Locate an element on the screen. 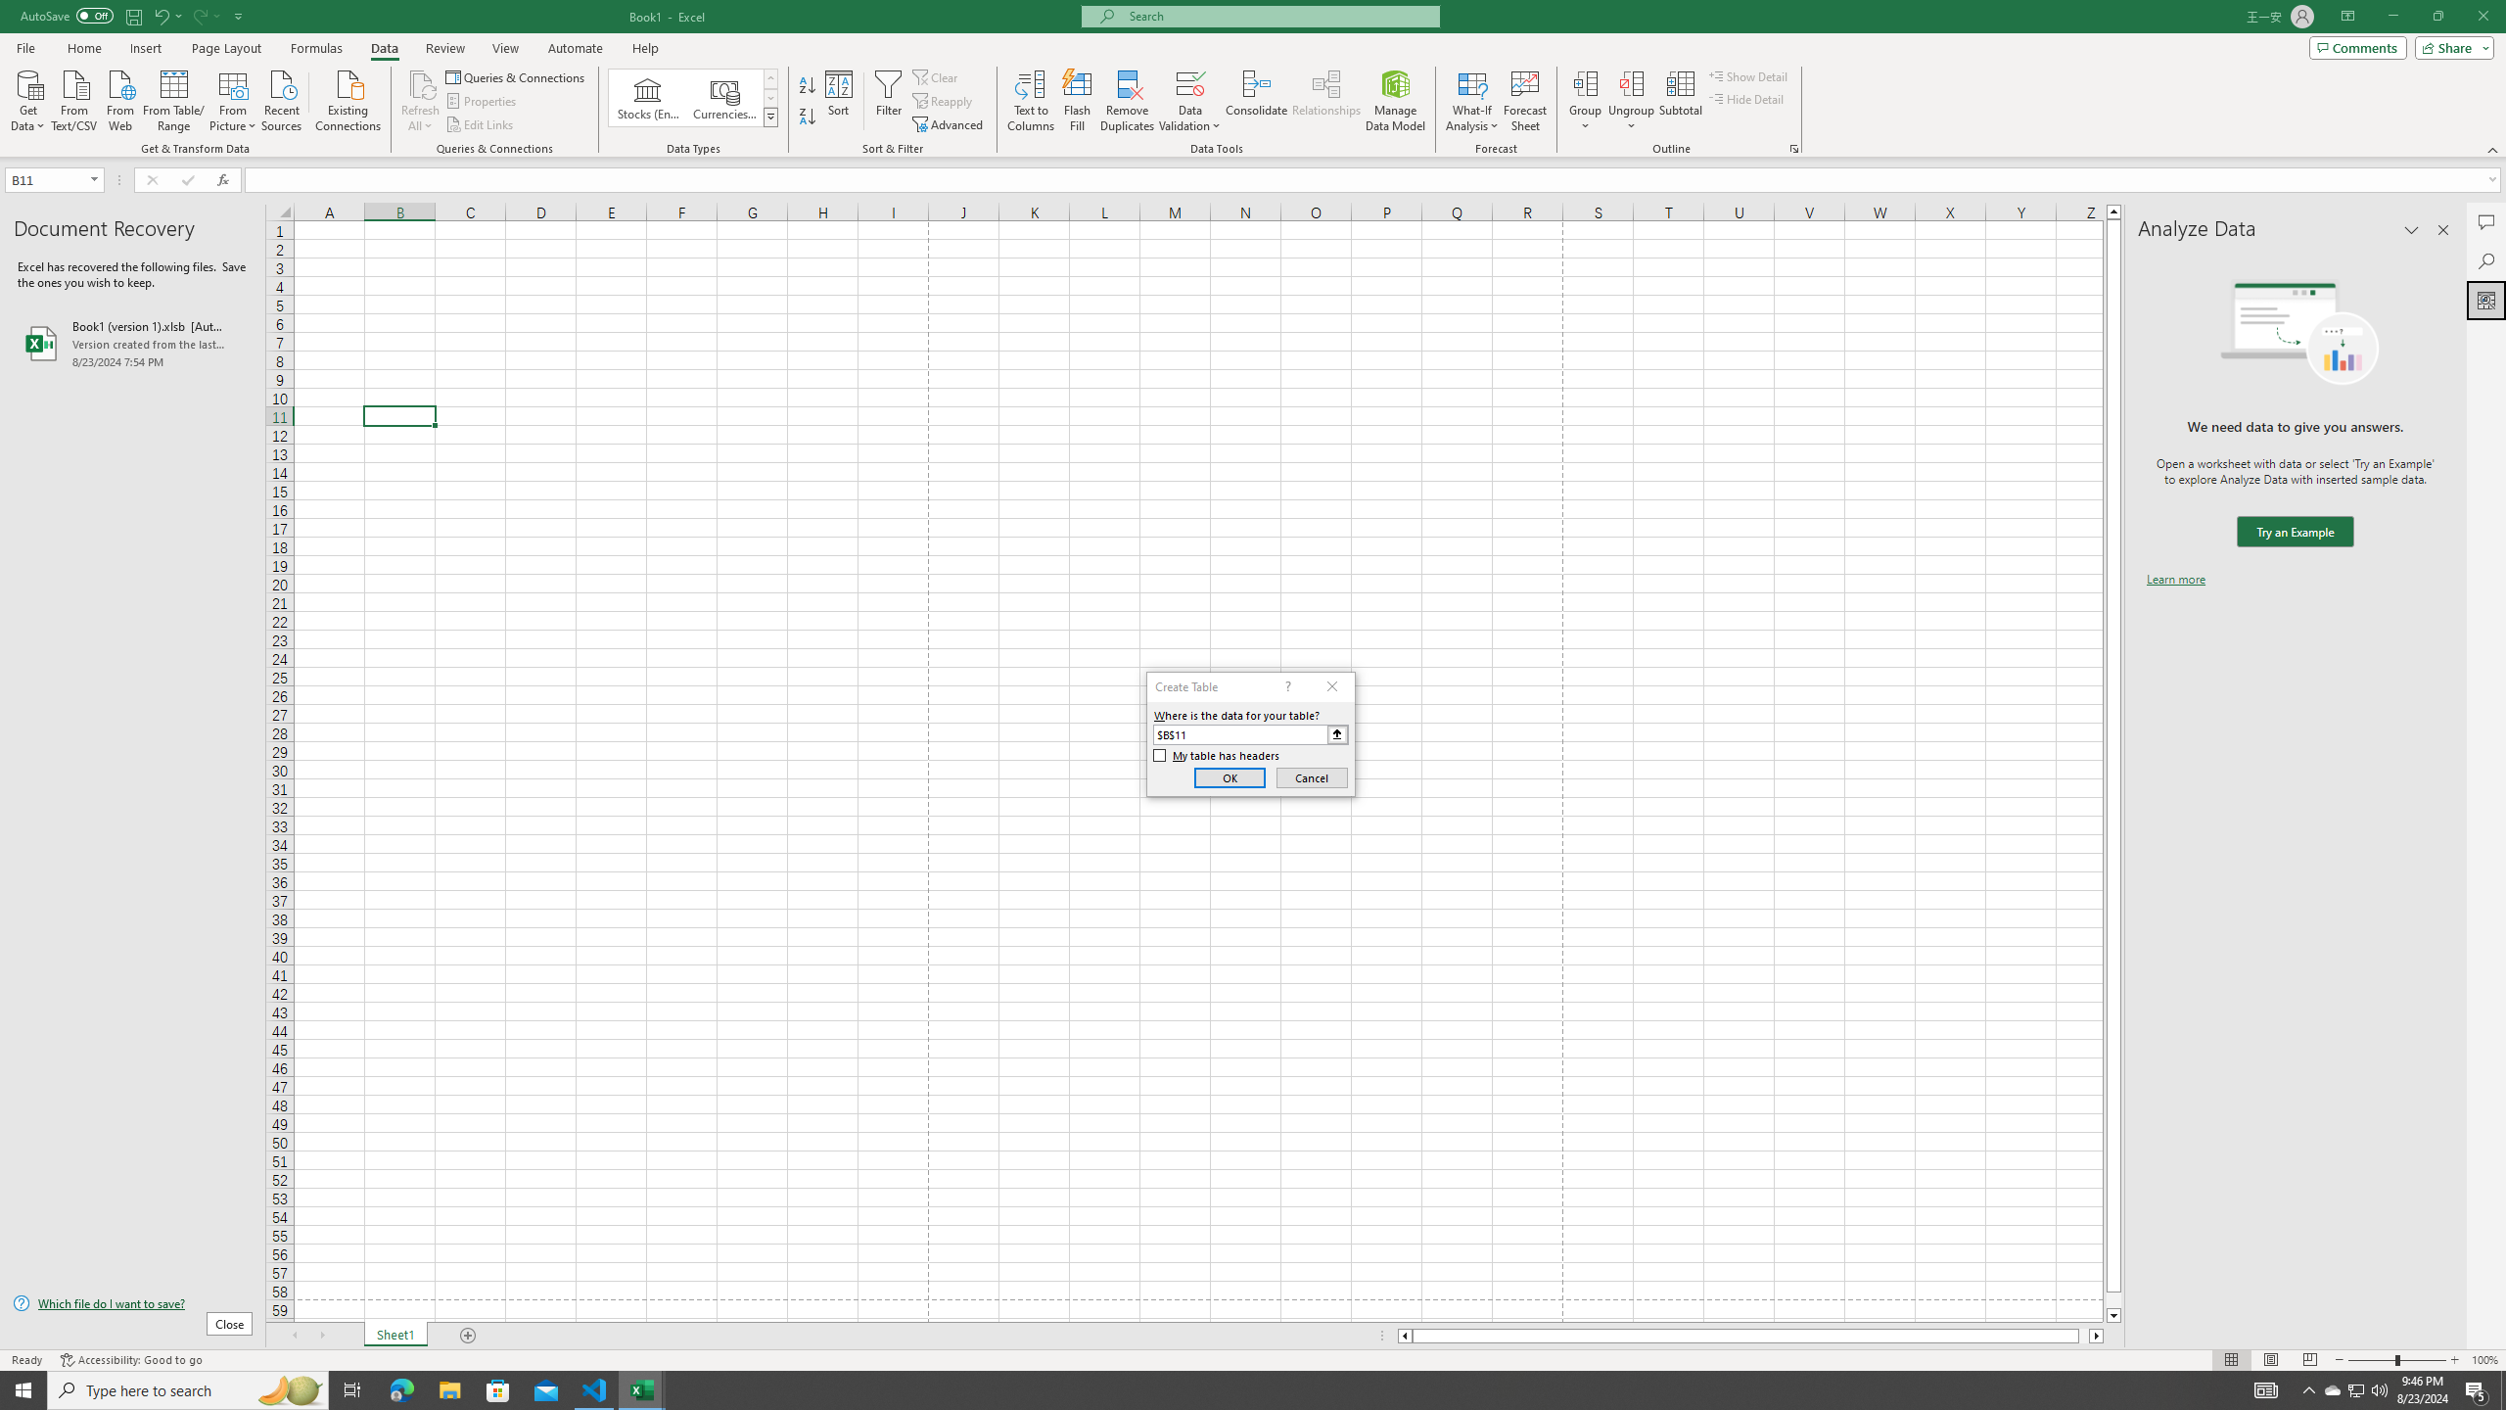 This screenshot has height=1410, width=2506. 'Formulas' is located at coordinates (318, 48).